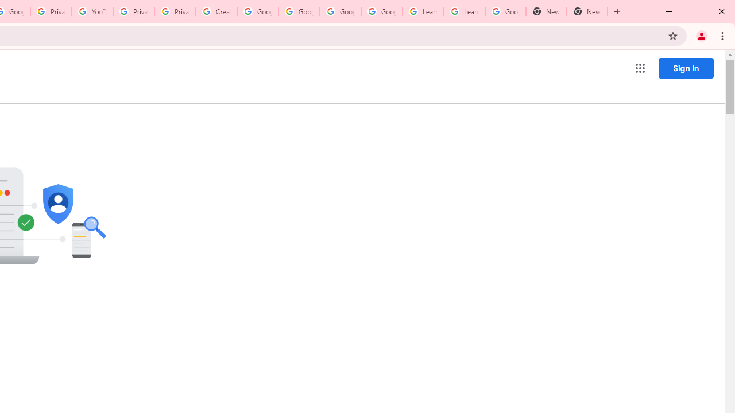 This screenshot has width=735, height=413. Describe the element at coordinates (686, 68) in the screenshot. I see `'Sign in'` at that location.